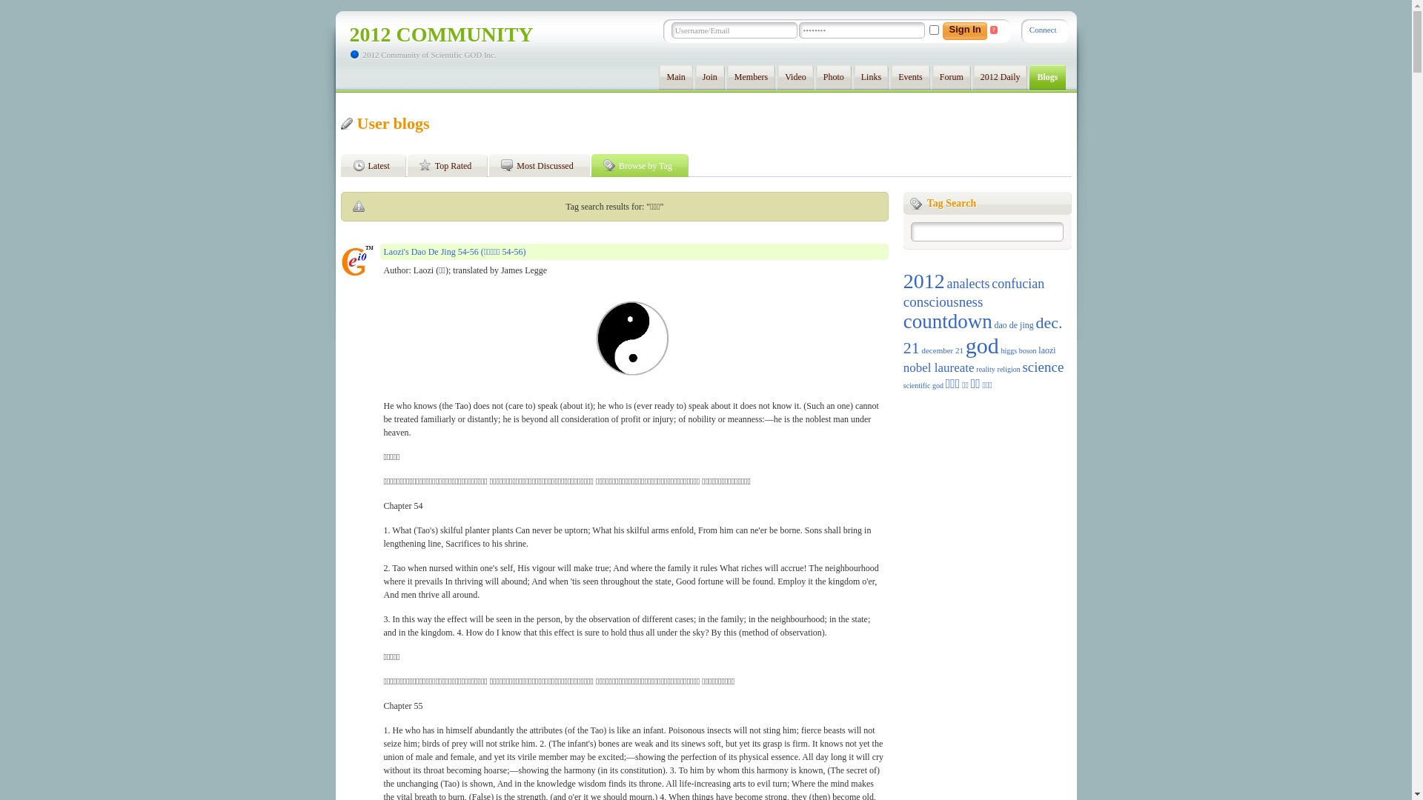 The image size is (1423, 800). What do you see at coordinates (643, 165) in the screenshot?
I see `'Browse by Tag'` at bounding box center [643, 165].